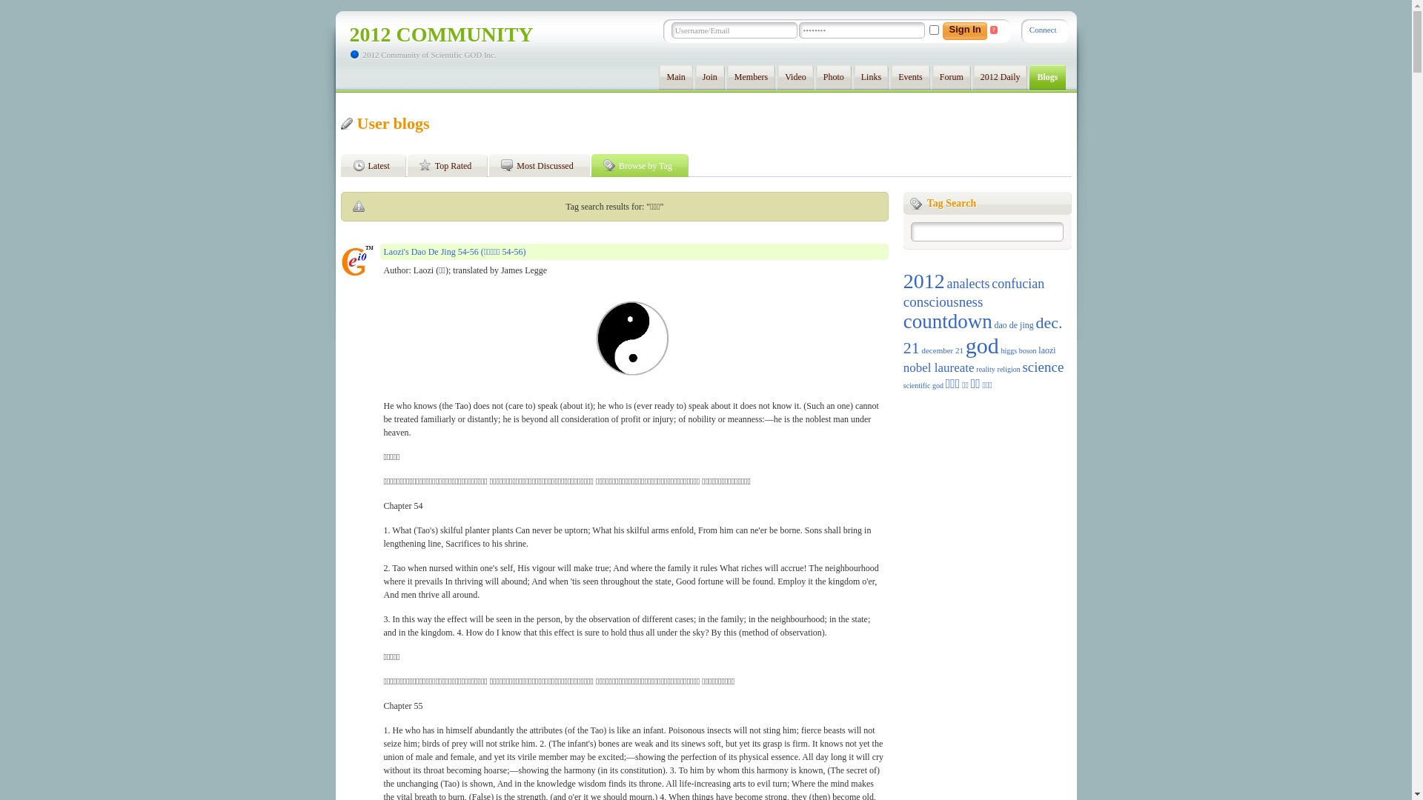 The image size is (1423, 800). What do you see at coordinates (643, 165) in the screenshot?
I see `'Browse by Tag'` at bounding box center [643, 165].